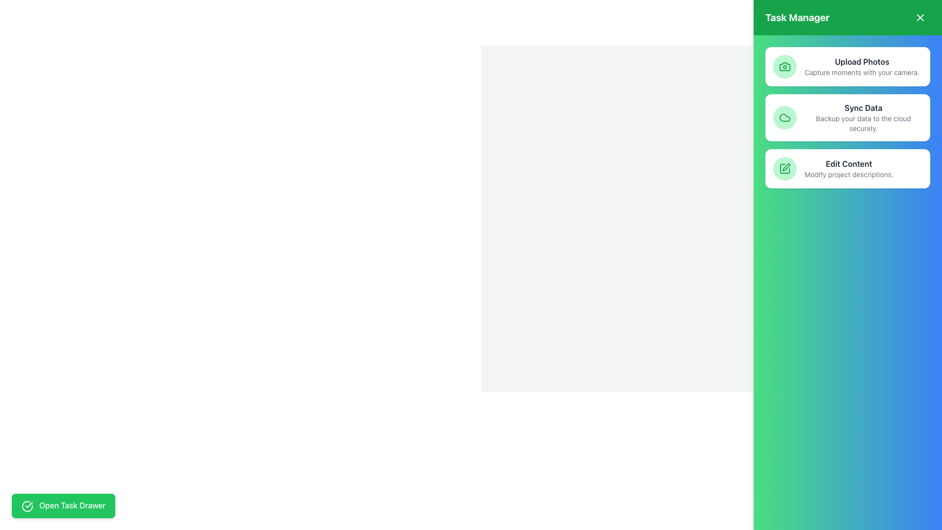 Image resolution: width=942 pixels, height=530 pixels. I want to click on the third card in the vertically stacked list within the 'Task Manager' panel that provides the 'Edit Content' functionality, so click(847, 168).